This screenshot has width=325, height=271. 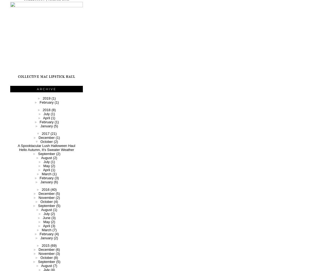 What do you see at coordinates (46, 217) in the screenshot?
I see `'June'` at bounding box center [46, 217].